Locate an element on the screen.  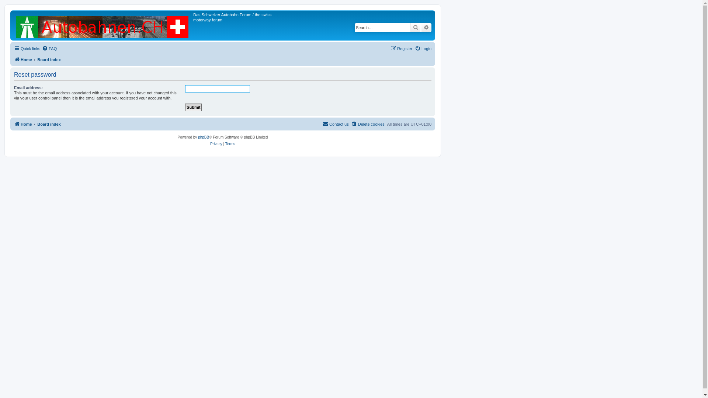
'Board index' is located at coordinates (37, 59).